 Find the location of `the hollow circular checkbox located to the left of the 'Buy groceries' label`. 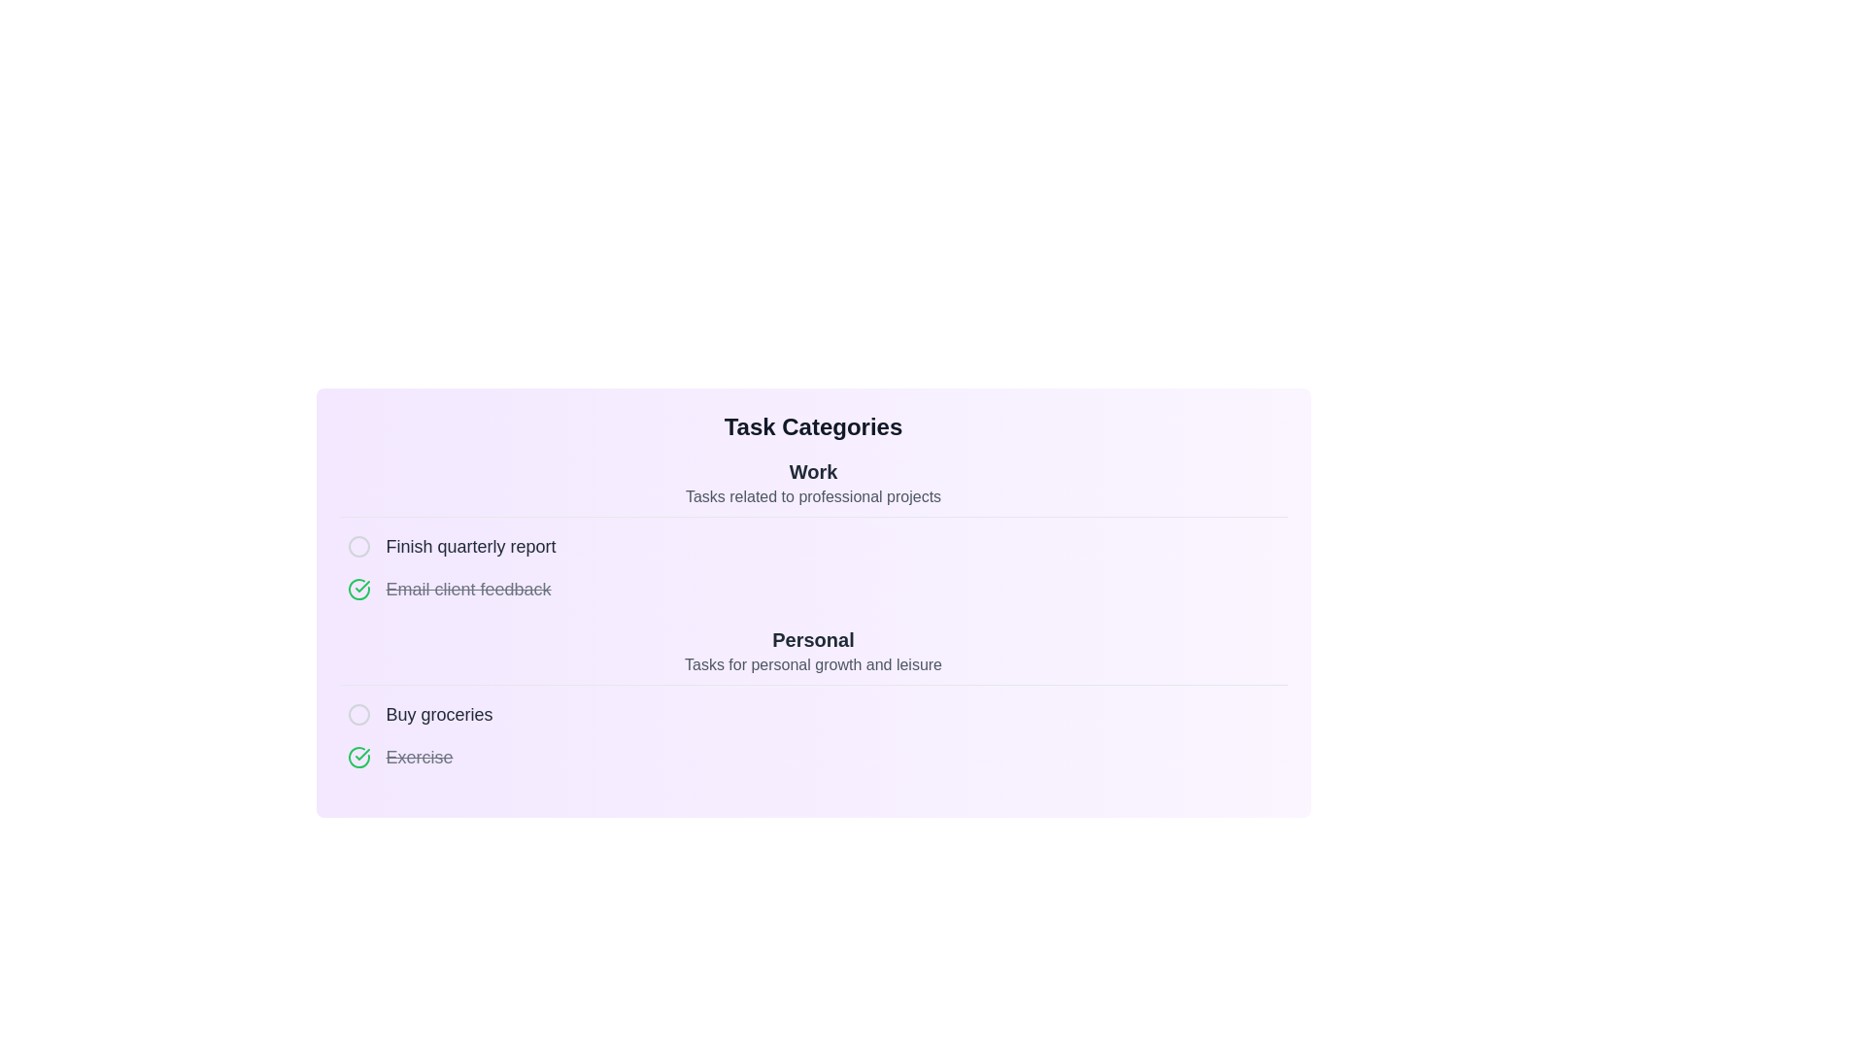

the hollow circular checkbox located to the left of the 'Buy groceries' label is located at coordinates (358, 715).